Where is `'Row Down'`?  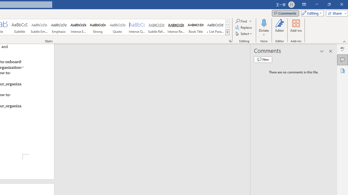
'Row Down' is located at coordinates (227, 27).